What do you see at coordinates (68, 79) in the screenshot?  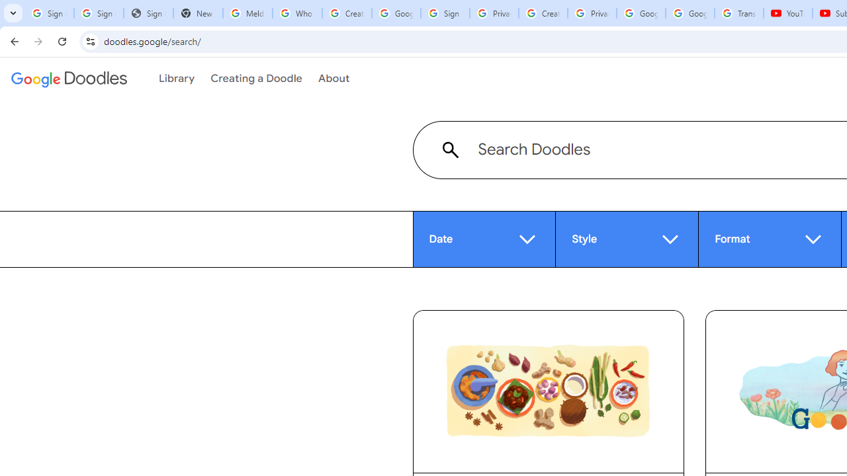 I see `'Google doodles'` at bounding box center [68, 79].